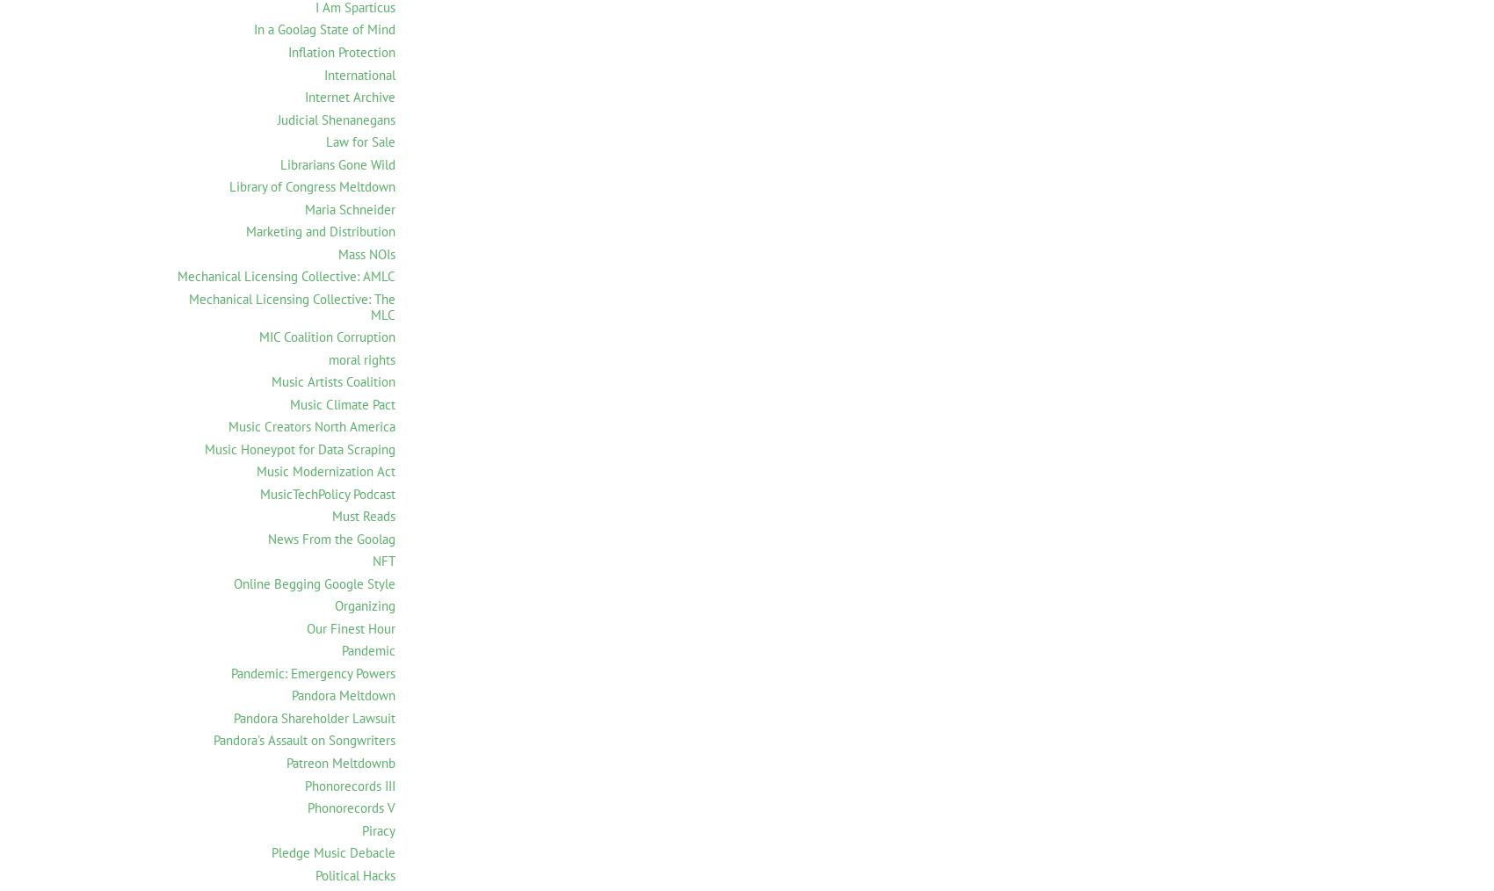  I want to click on 'Inflation Protection', so click(340, 51).